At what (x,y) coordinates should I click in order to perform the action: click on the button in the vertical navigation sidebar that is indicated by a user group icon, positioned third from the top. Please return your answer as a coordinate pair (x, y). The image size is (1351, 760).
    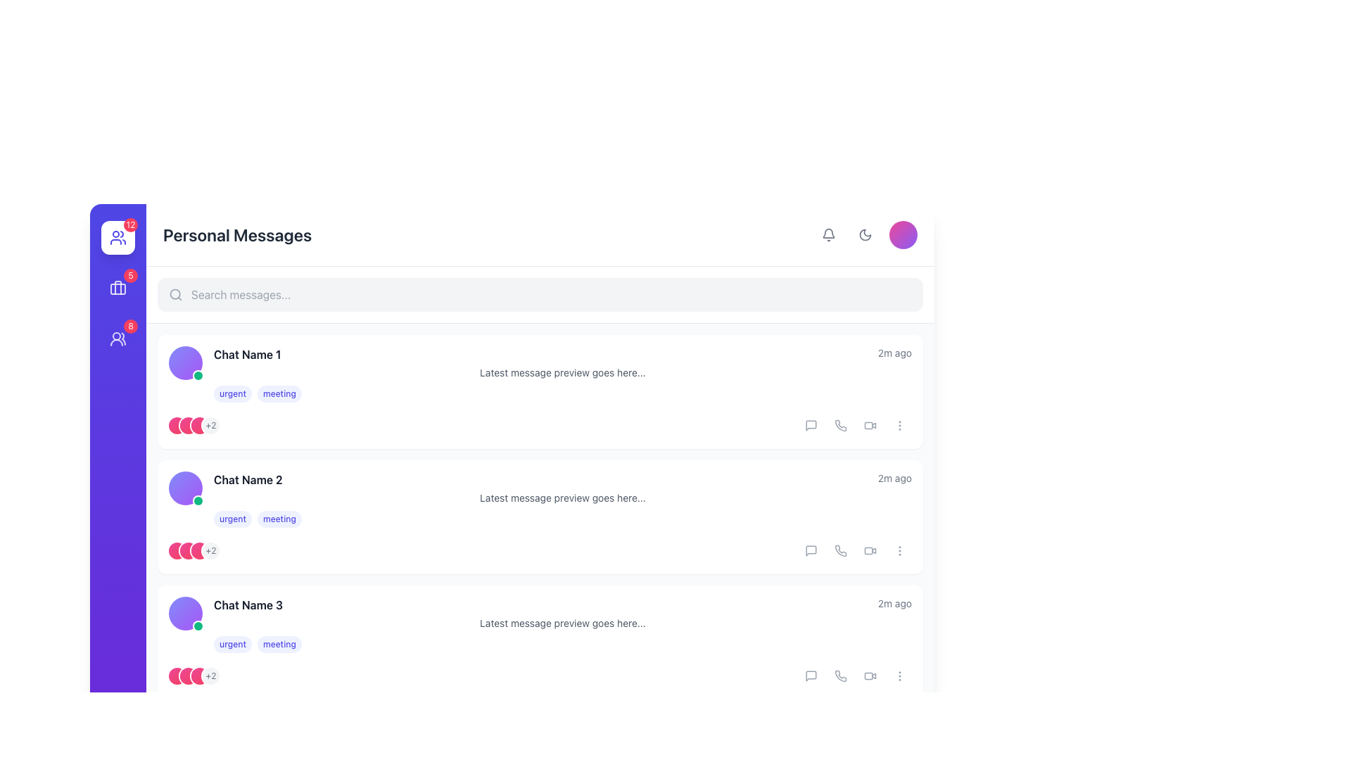
    Looking at the image, I should click on (118, 339).